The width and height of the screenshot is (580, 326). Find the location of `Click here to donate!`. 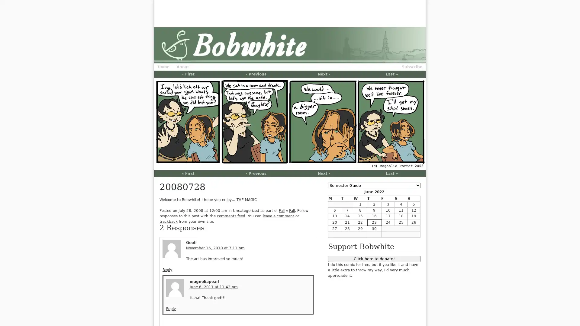

Click here to donate! is located at coordinates (374, 258).